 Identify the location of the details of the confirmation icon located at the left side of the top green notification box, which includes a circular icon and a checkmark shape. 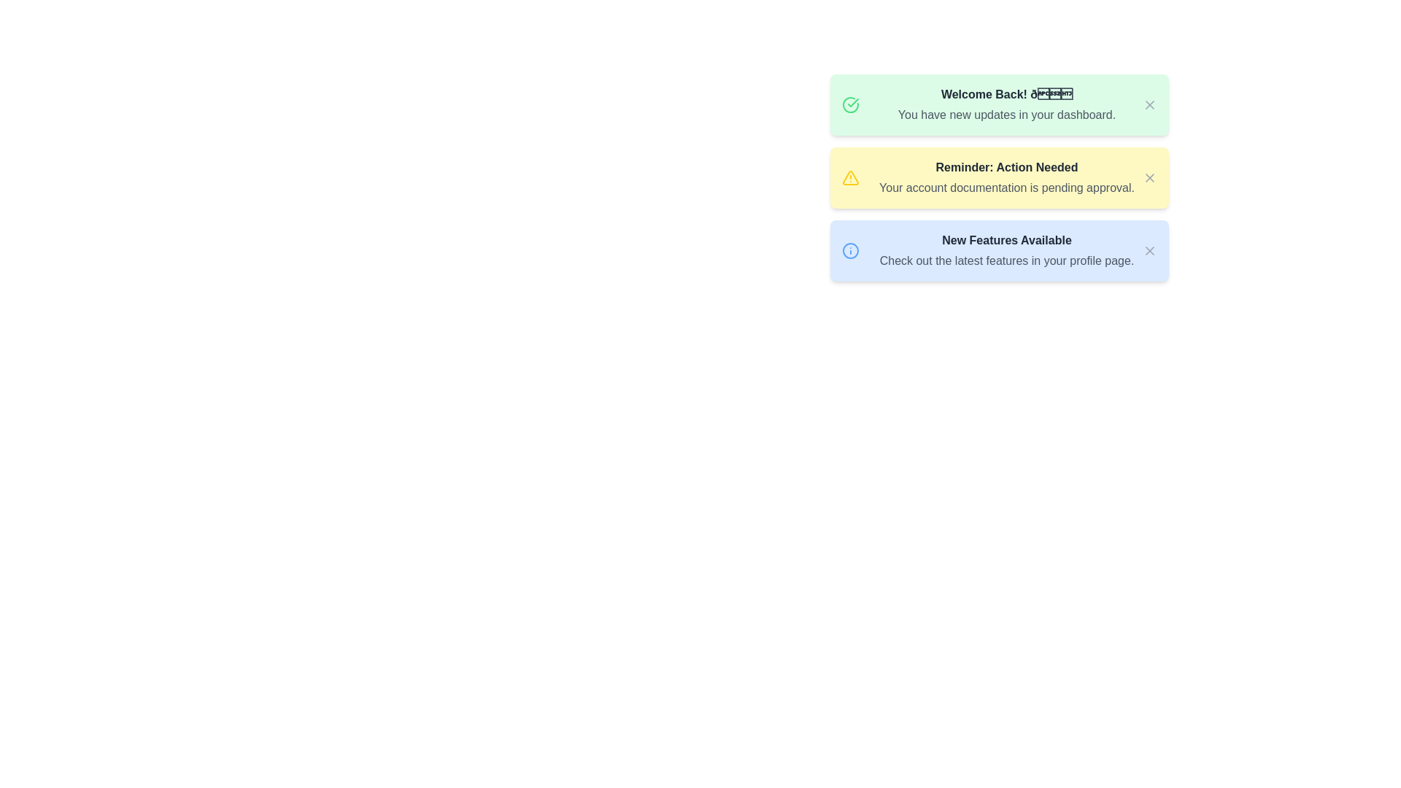
(851, 104).